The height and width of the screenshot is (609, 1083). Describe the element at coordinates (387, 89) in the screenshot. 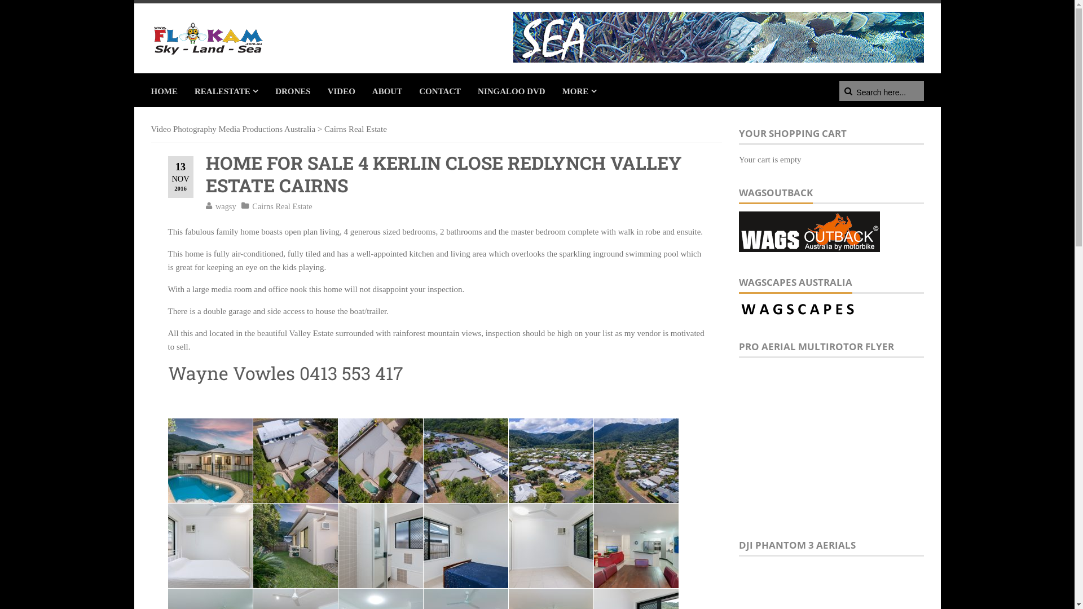

I see `'ABOUT'` at that location.